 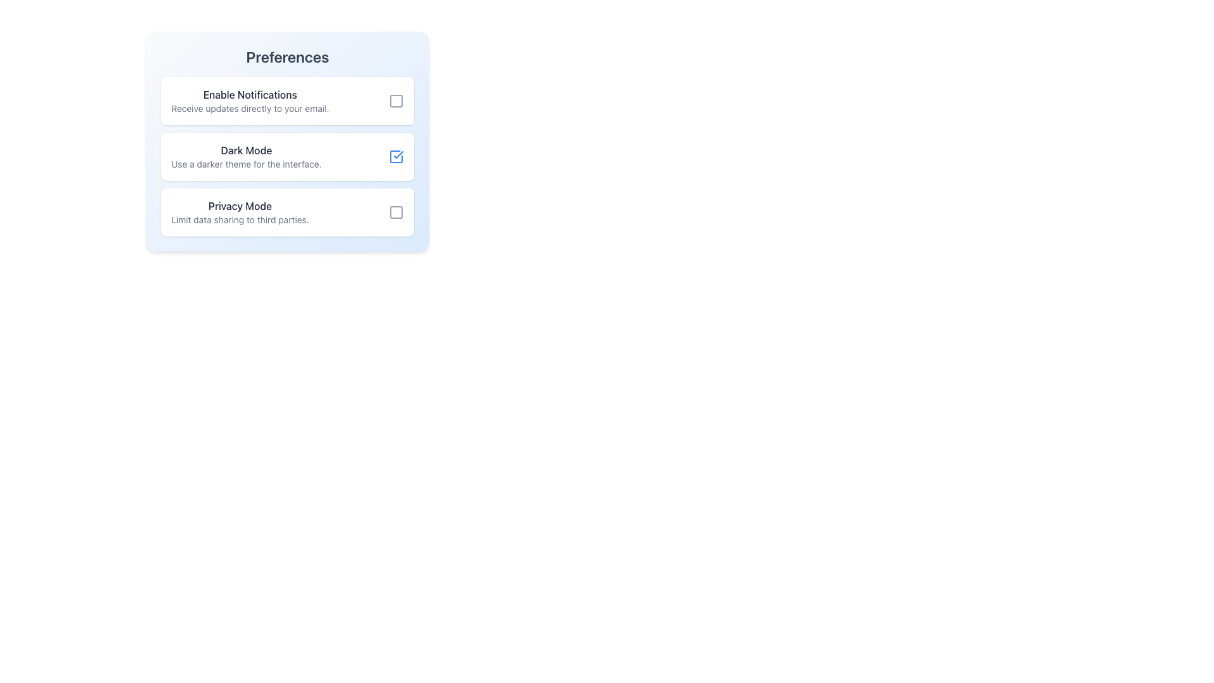 What do you see at coordinates (287, 211) in the screenshot?
I see `the 'Privacy Mode' informational card, which features a title in bold dark text and a checkbox icon on the right side, located in the Preferences section of the settings` at bounding box center [287, 211].